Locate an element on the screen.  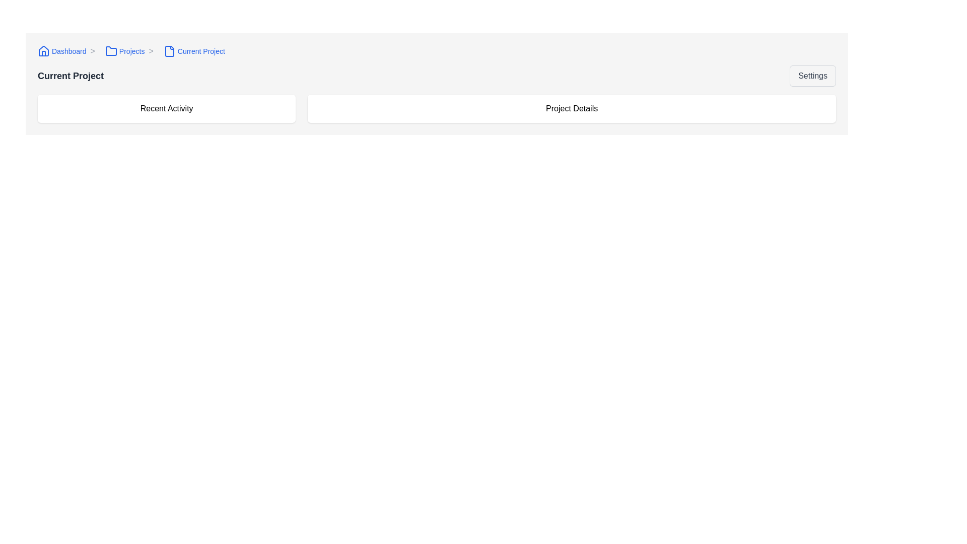
the home icon located at the top-left corner of the interface, to the left of the 'Dashboard' link is located at coordinates (43, 51).